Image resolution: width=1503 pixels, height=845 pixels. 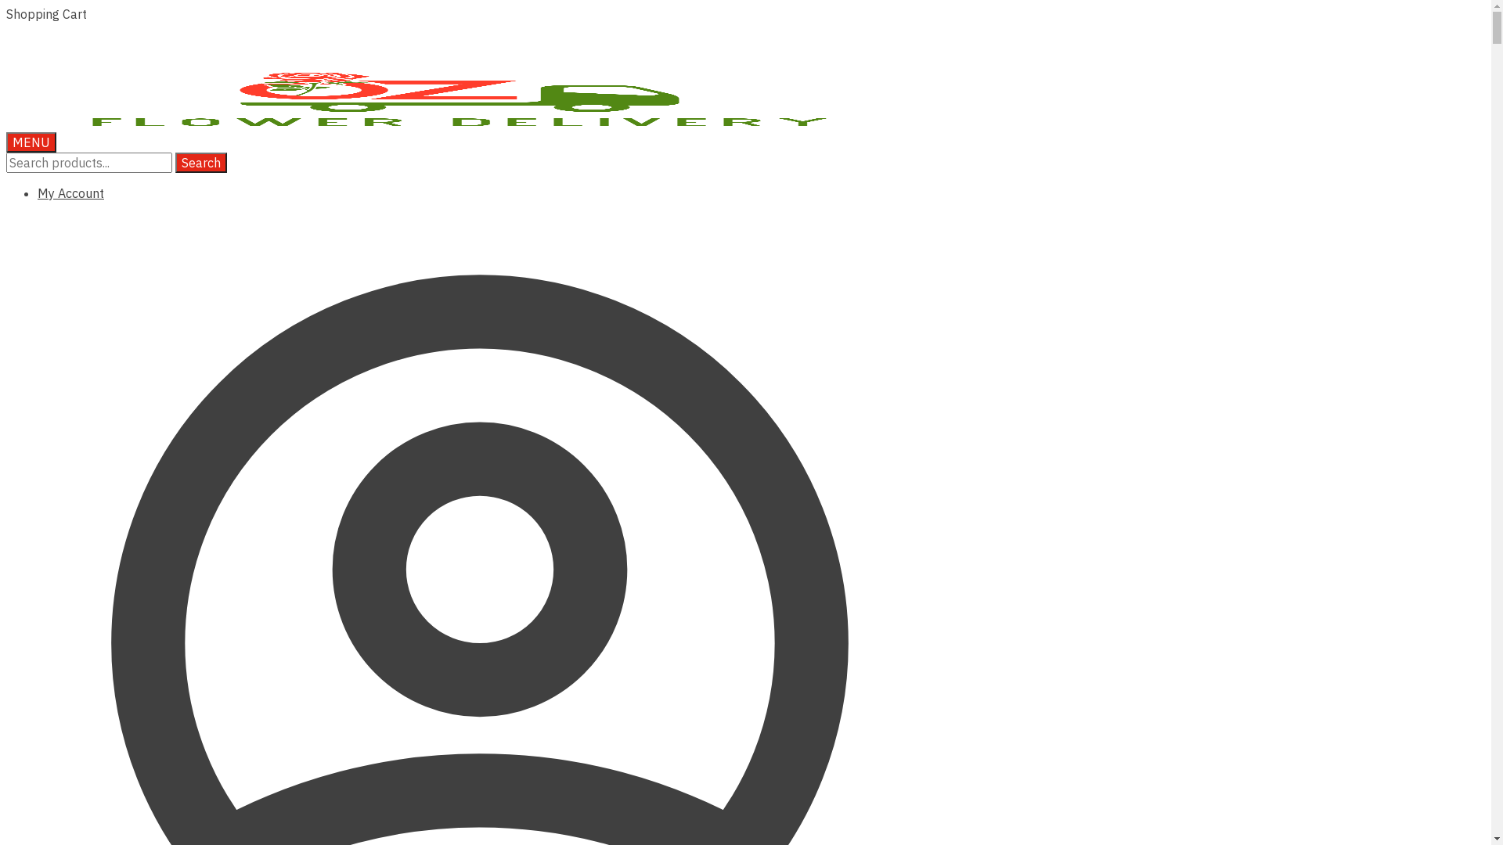 I want to click on 'MENU', so click(x=31, y=142).